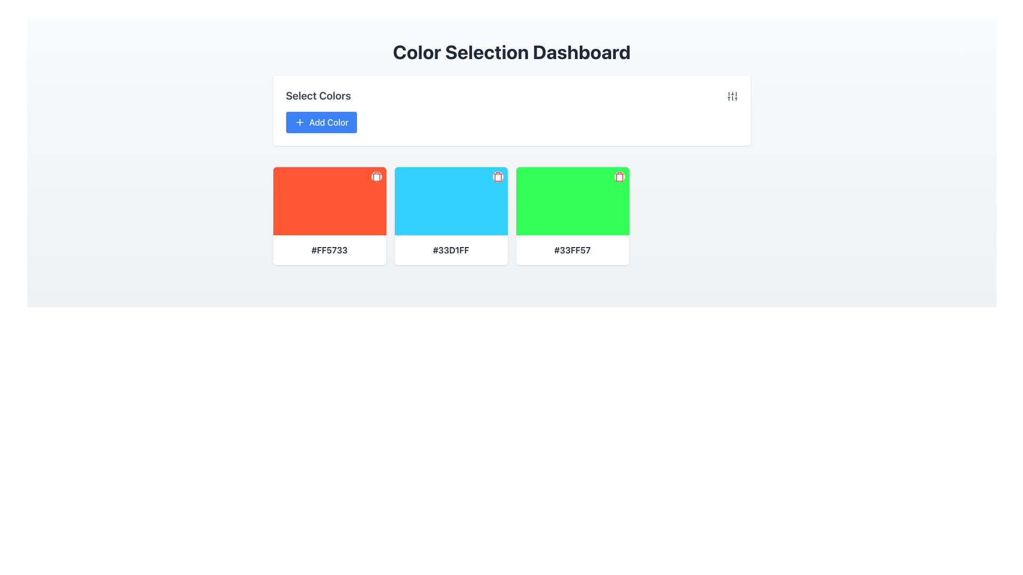 The image size is (1023, 575). What do you see at coordinates (329, 201) in the screenshot?
I see `the first colored preview rectangle with a vivid orange background (#FF5733) in the 'Select Colors' section of the main interface` at bounding box center [329, 201].